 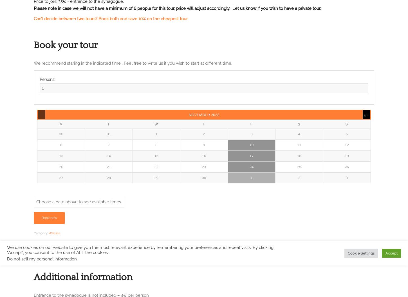 What do you see at coordinates (47, 7) in the screenshot?
I see `'Contact us'` at bounding box center [47, 7].